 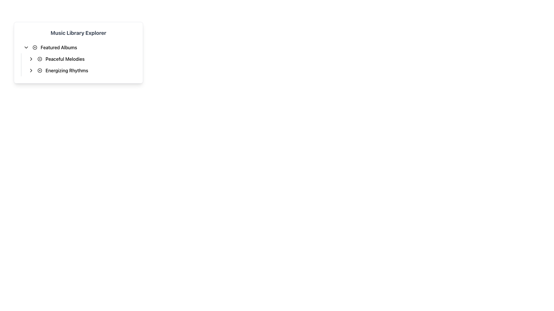 I want to click on the leftmost button with a rightward-facing chevron icon in the 'Energizing Rhythms' group, so click(x=31, y=70).